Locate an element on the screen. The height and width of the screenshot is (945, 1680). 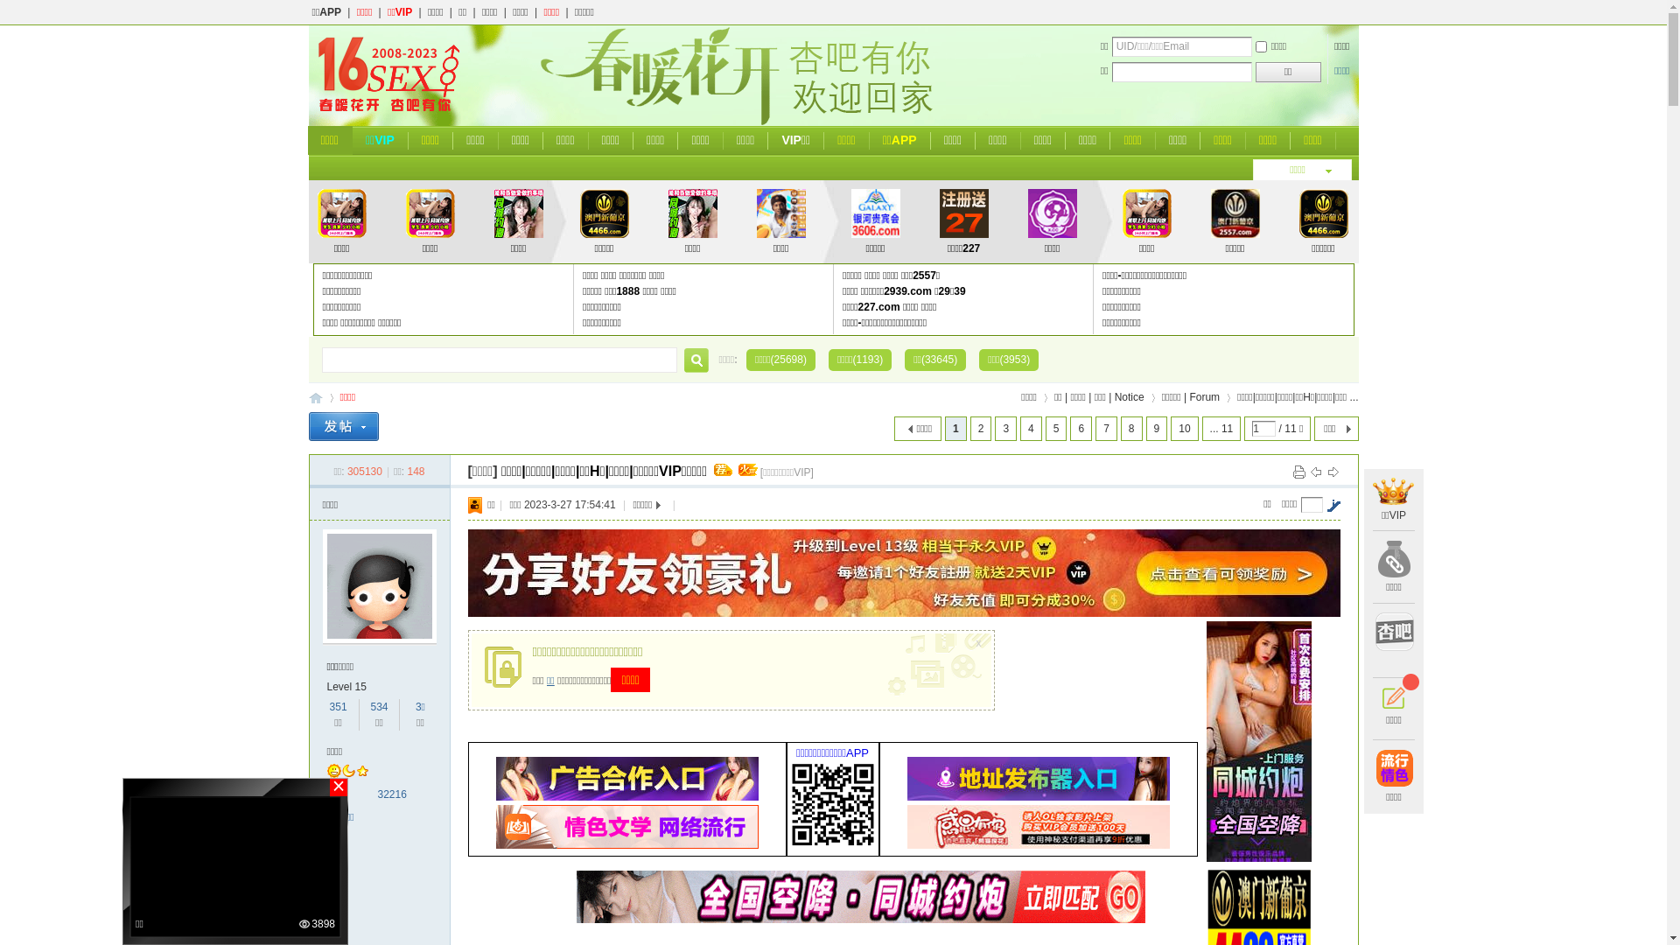
'x' is located at coordinates (981, 640).